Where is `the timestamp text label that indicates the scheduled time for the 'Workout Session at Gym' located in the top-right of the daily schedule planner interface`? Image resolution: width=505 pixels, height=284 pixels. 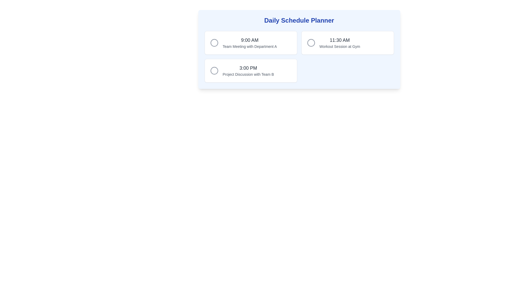 the timestamp text label that indicates the scheduled time for the 'Workout Session at Gym' located in the top-right of the daily schedule planner interface is located at coordinates (340, 40).